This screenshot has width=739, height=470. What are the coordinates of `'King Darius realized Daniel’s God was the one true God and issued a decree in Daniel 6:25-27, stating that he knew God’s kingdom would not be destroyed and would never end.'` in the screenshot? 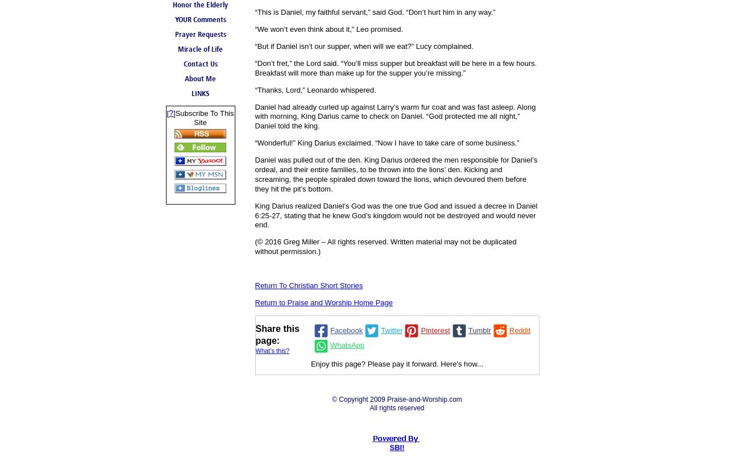 It's located at (395, 214).